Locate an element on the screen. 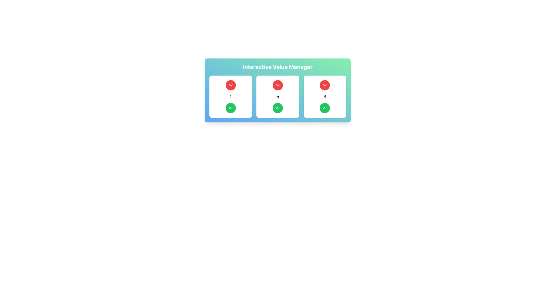 This screenshot has height=308, width=547. the downward button located below the number '1' in the first column of the 'Interactive Value Manager' interface is located at coordinates (230, 108).